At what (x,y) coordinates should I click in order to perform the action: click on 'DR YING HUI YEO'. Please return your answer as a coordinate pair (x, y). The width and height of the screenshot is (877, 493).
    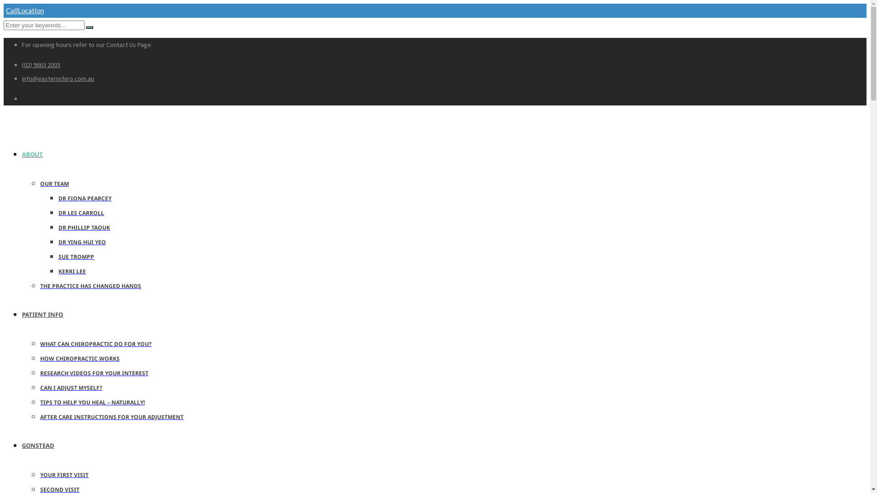
    Looking at the image, I should click on (82, 241).